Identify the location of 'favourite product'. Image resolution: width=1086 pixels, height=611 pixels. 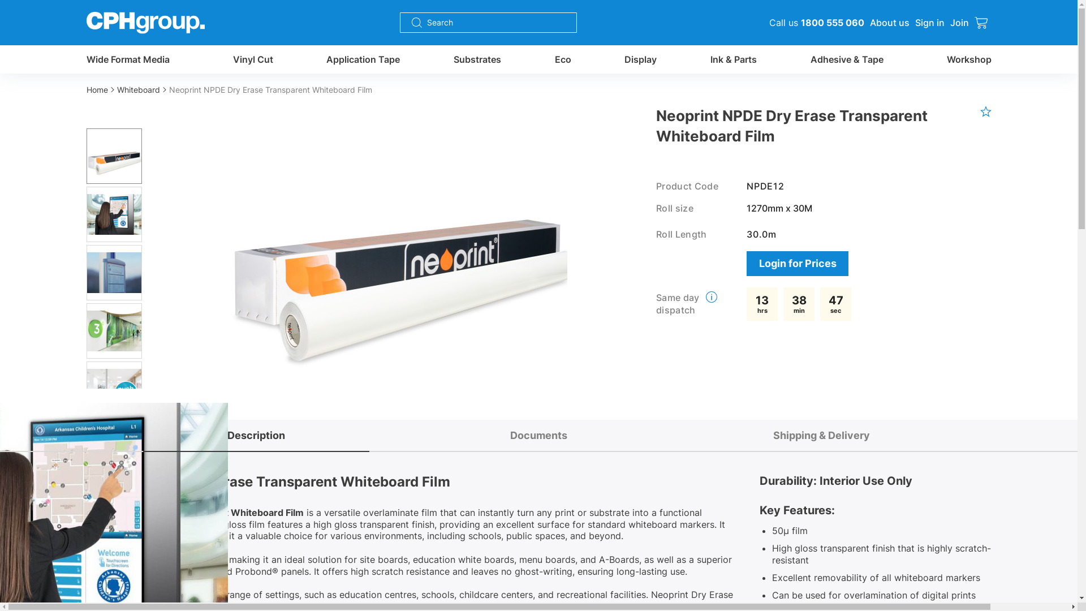
(985, 111).